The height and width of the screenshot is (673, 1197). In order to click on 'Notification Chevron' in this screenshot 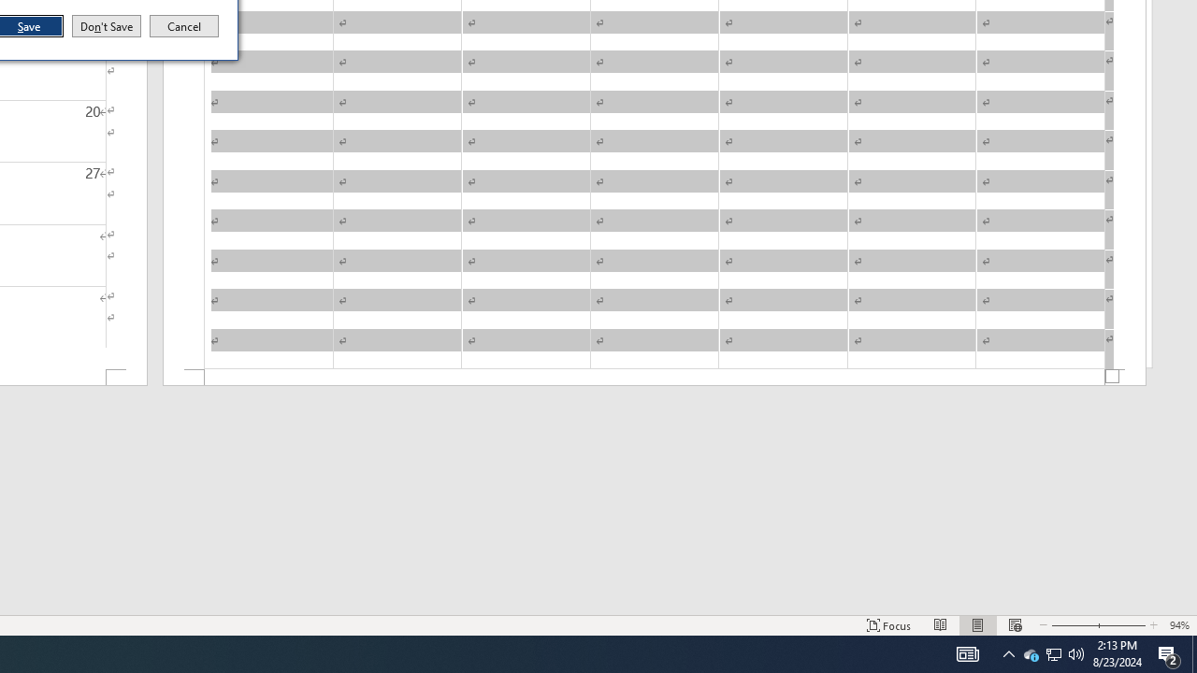, I will do `click(1008, 652)`.